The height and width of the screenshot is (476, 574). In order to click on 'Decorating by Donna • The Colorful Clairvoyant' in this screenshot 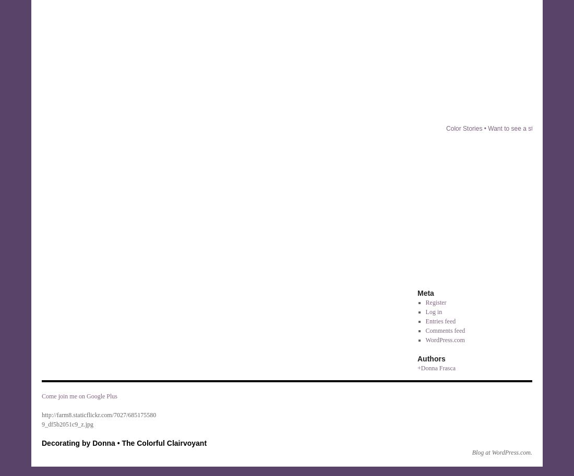, I will do `click(41, 443)`.